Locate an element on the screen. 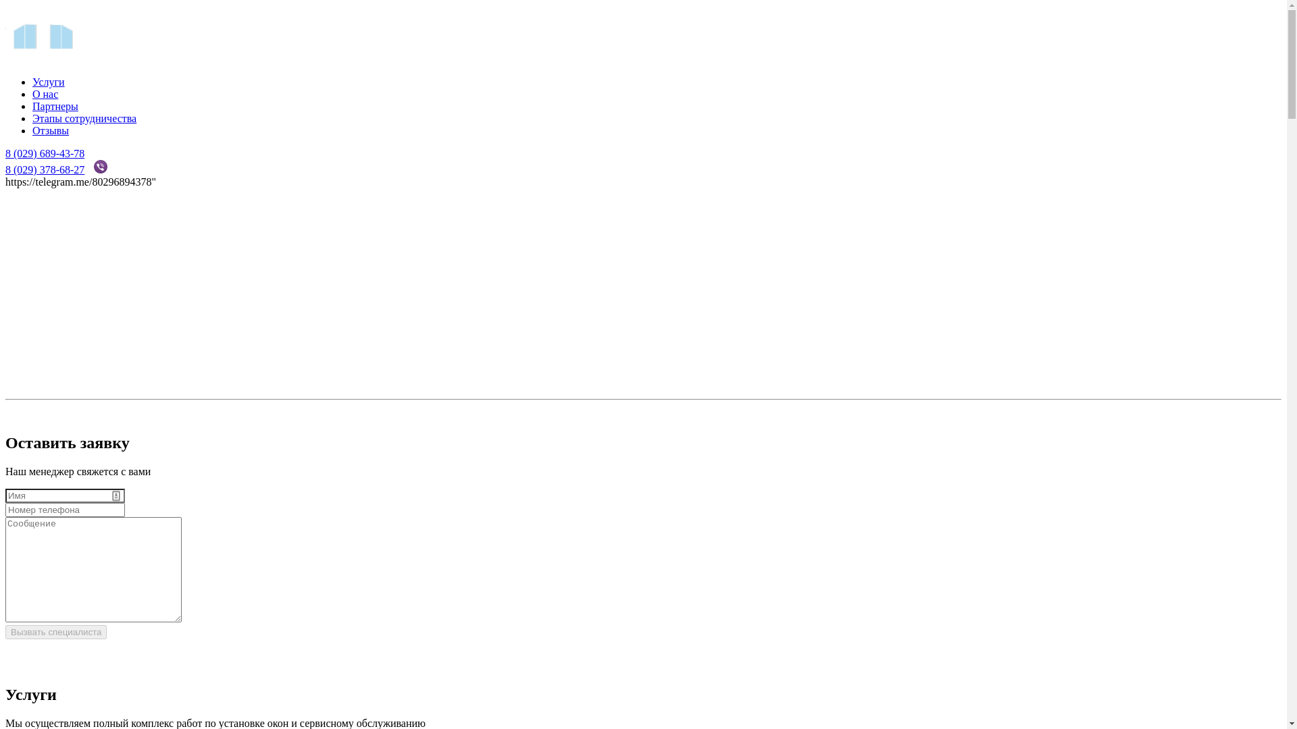  '8 (029) 378-68-27' is located at coordinates (5, 169).